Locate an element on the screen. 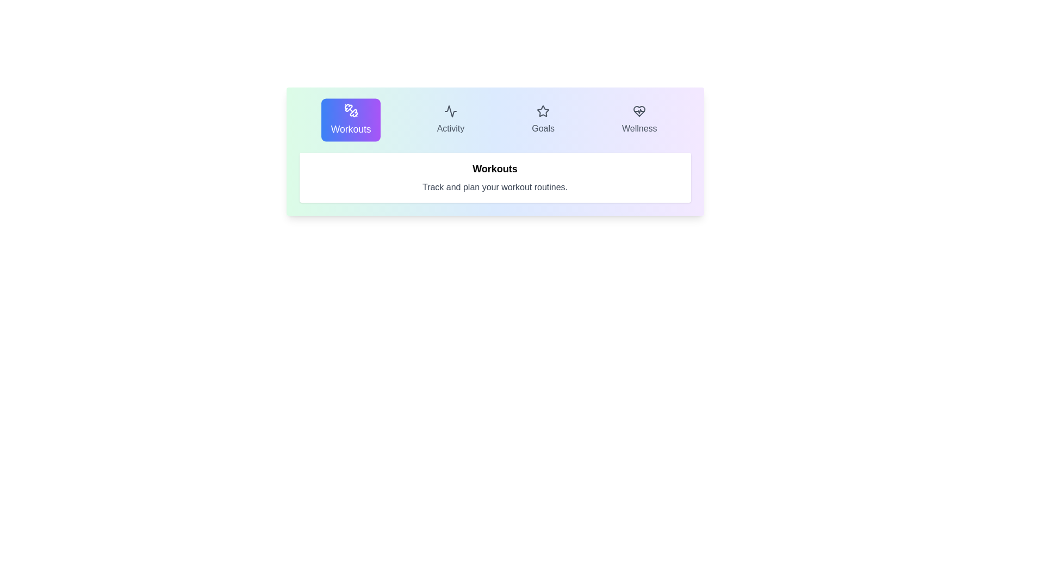 The width and height of the screenshot is (1044, 587). the 'Goals' icon located above the 'Goals' text in the third section of the horizontal navigation bar is located at coordinates (543, 111).